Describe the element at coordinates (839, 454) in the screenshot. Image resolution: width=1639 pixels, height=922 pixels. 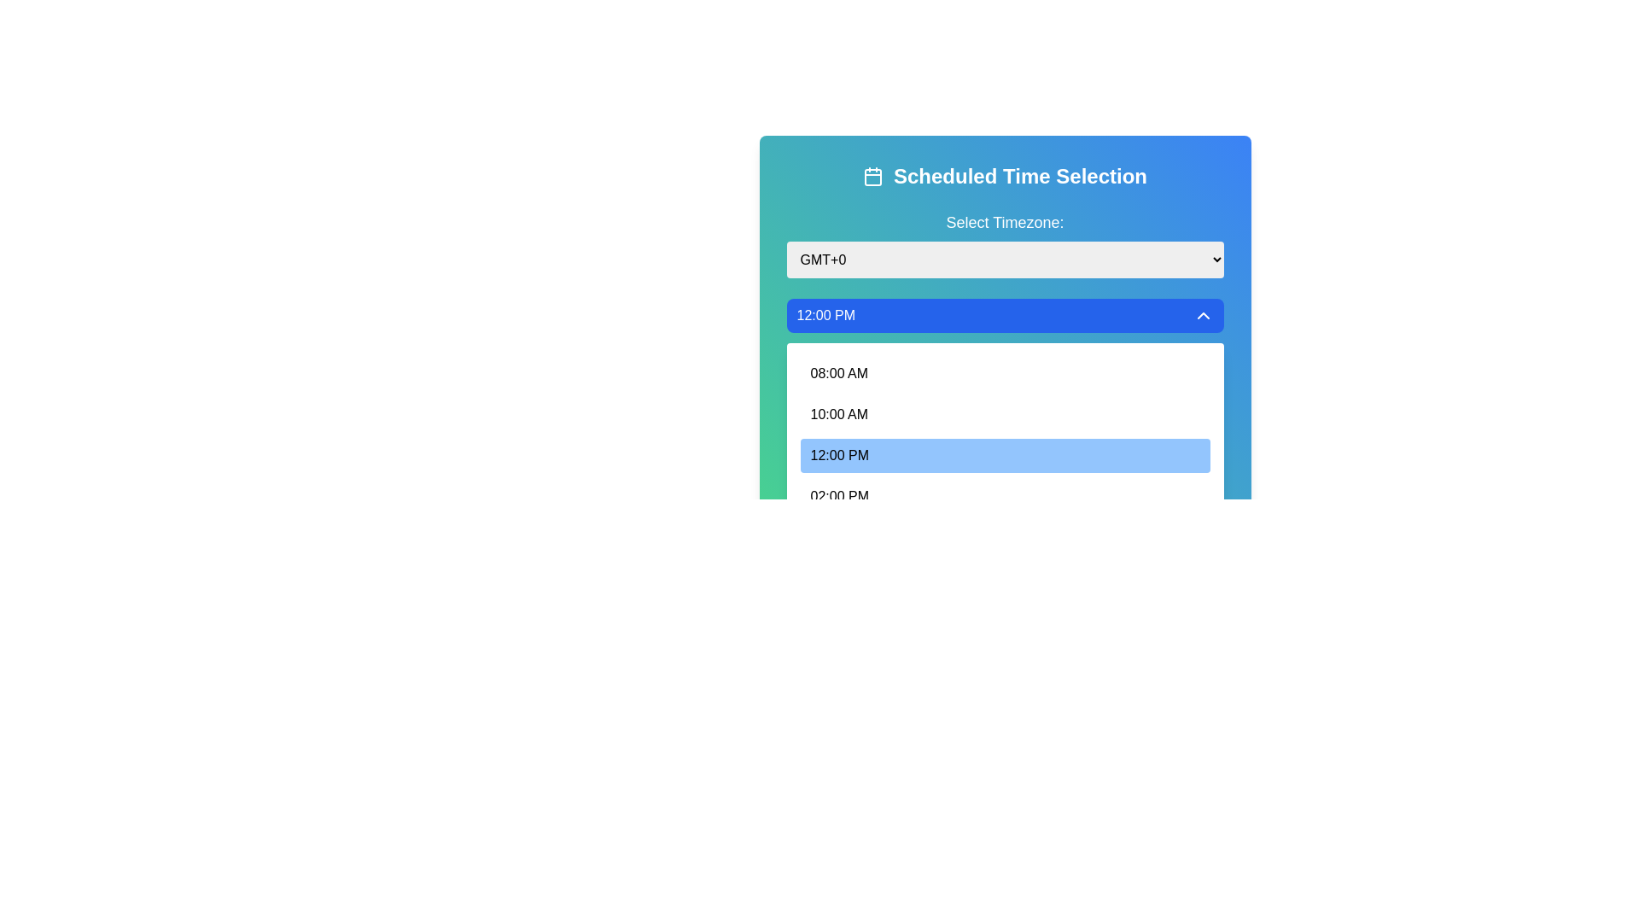
I see `the selectable list item displaying '12:00 PM' in the dropdown menu` at that location.